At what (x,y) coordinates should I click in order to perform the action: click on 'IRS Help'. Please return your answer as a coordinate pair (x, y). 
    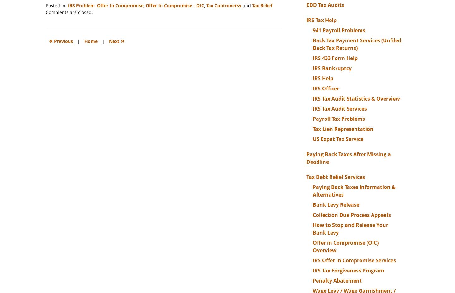
    Looking at the image, I should click on (312, 78).